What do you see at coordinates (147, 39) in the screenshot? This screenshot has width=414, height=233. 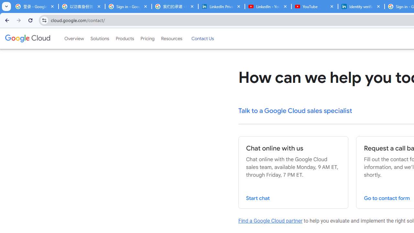 I see `'Pricing'` at bounding box center [147, 39].